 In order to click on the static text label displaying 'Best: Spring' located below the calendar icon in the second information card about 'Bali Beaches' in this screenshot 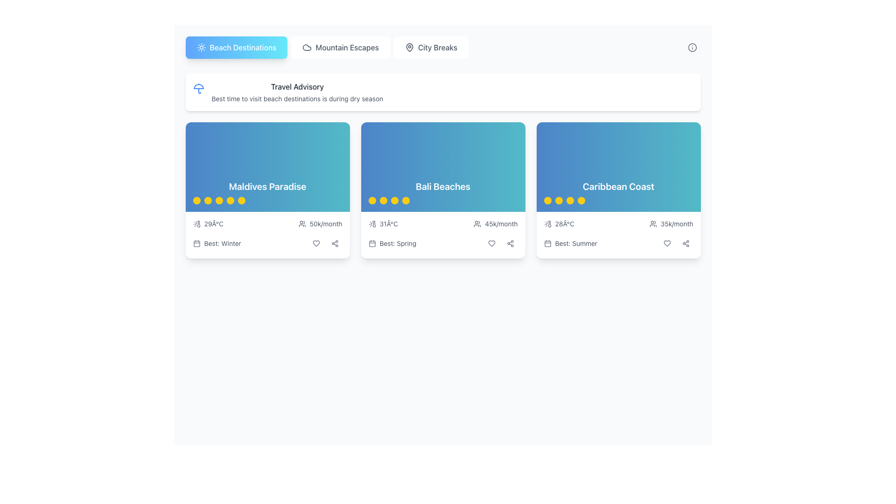, I will do `click(398, 243)`.